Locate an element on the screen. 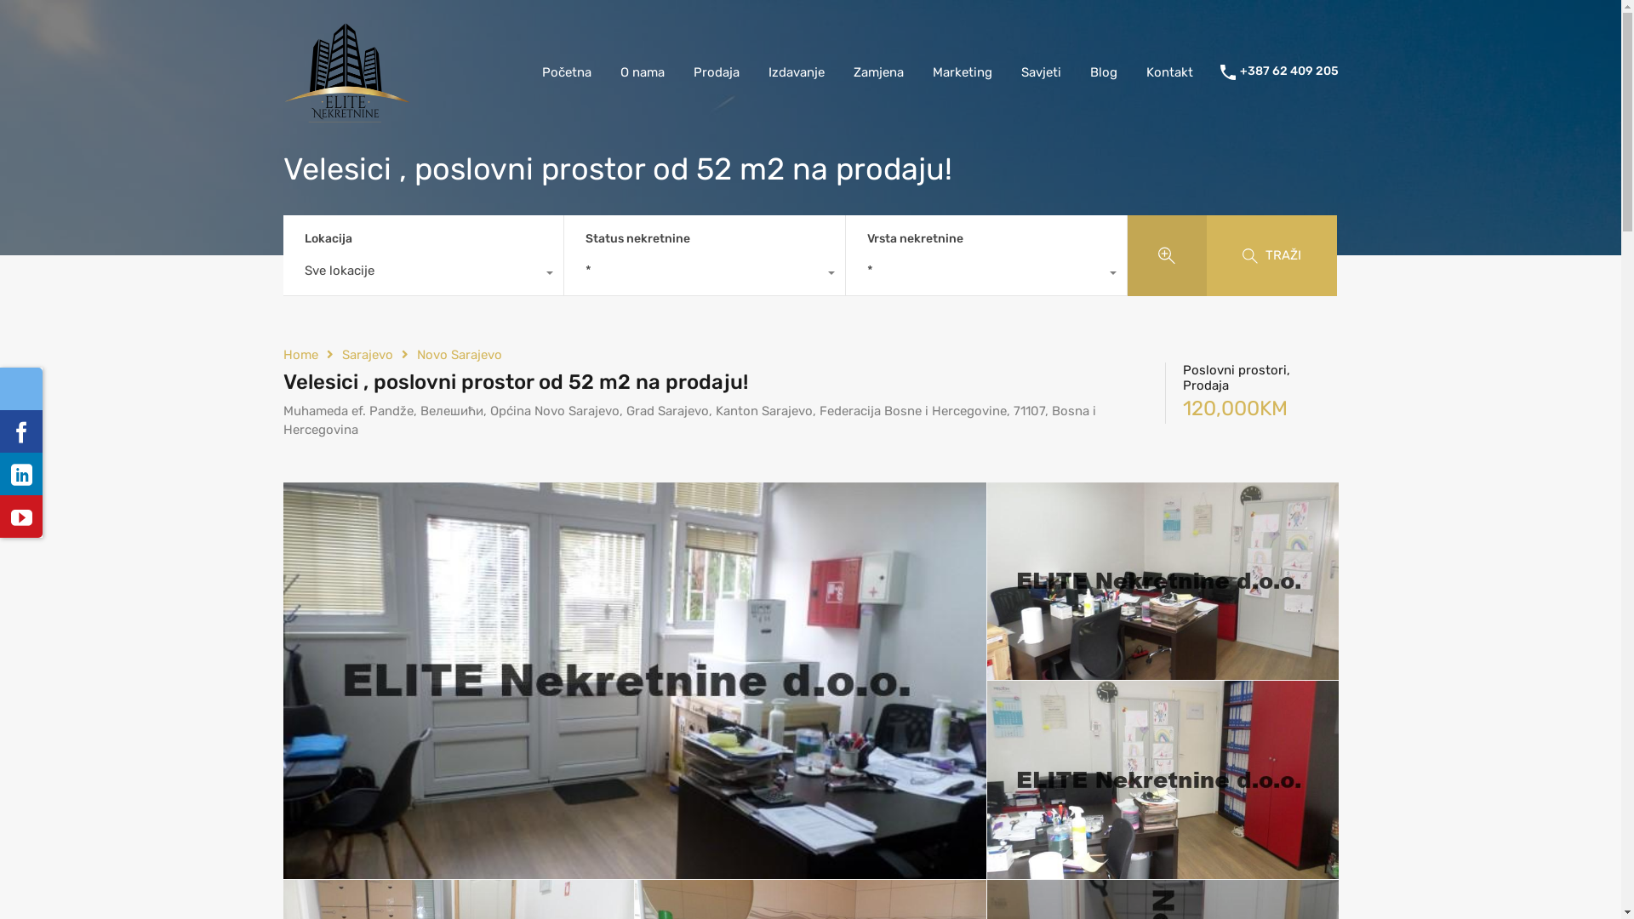 This screenshot has height=919, width=1634. '*' is located at coordinates (986, 274).